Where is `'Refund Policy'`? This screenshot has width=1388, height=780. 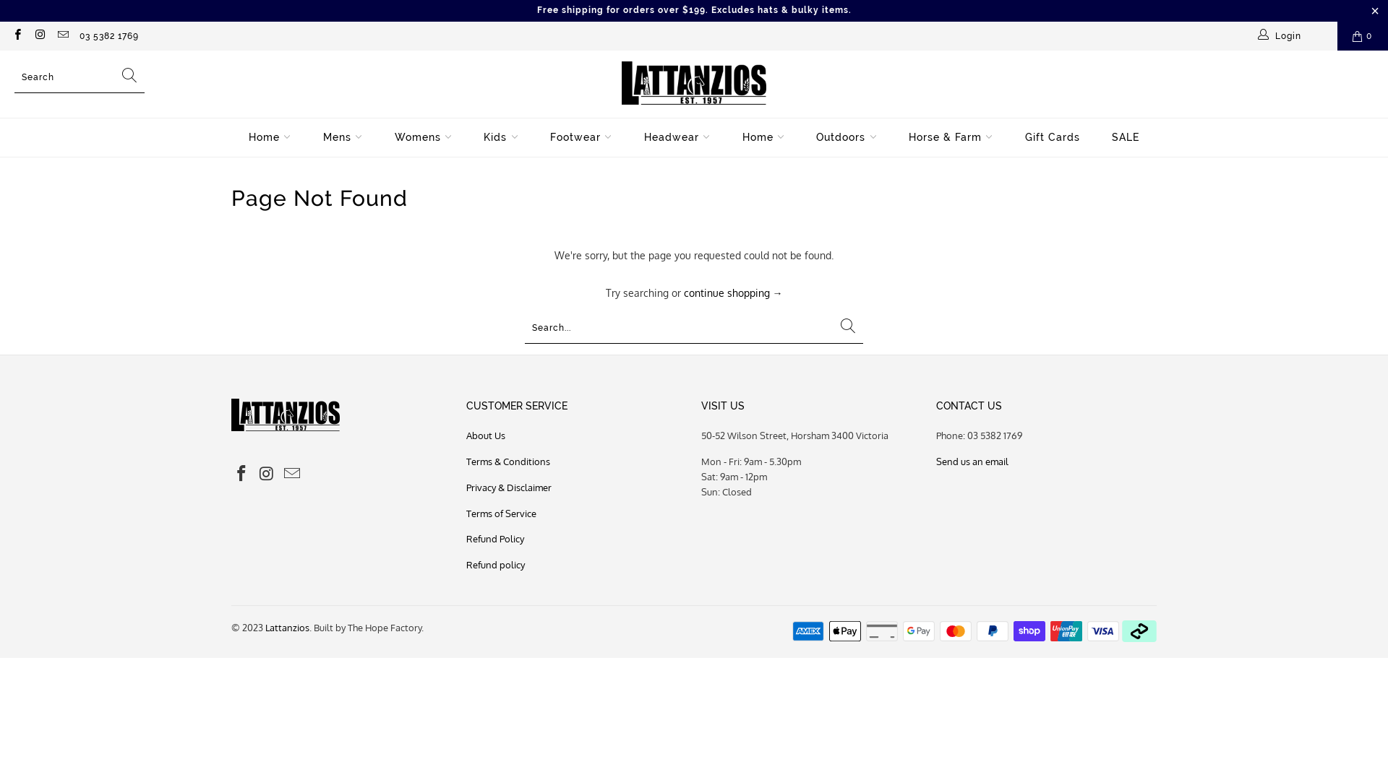
'Refund Policy' is located at coordinates (495, 538).